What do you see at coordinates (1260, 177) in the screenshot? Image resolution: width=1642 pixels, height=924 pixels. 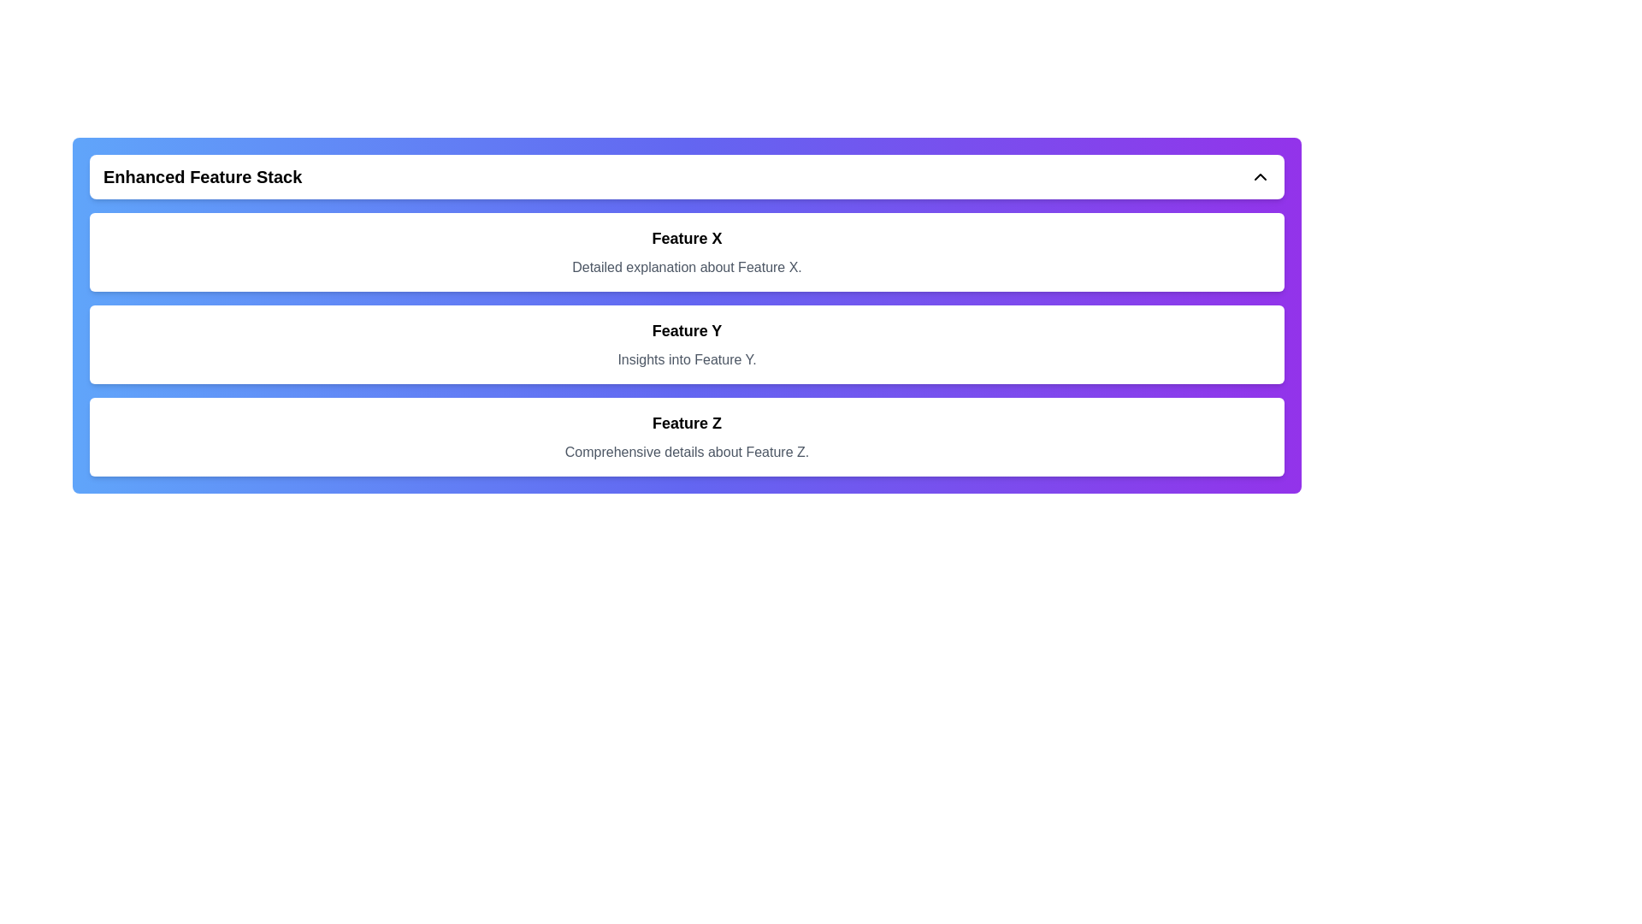 I see `the collapse icon located on the far right side of the header section, adjacent to the title text 'Enhanced Feature Stack'` at bounding box center [1260, 177].